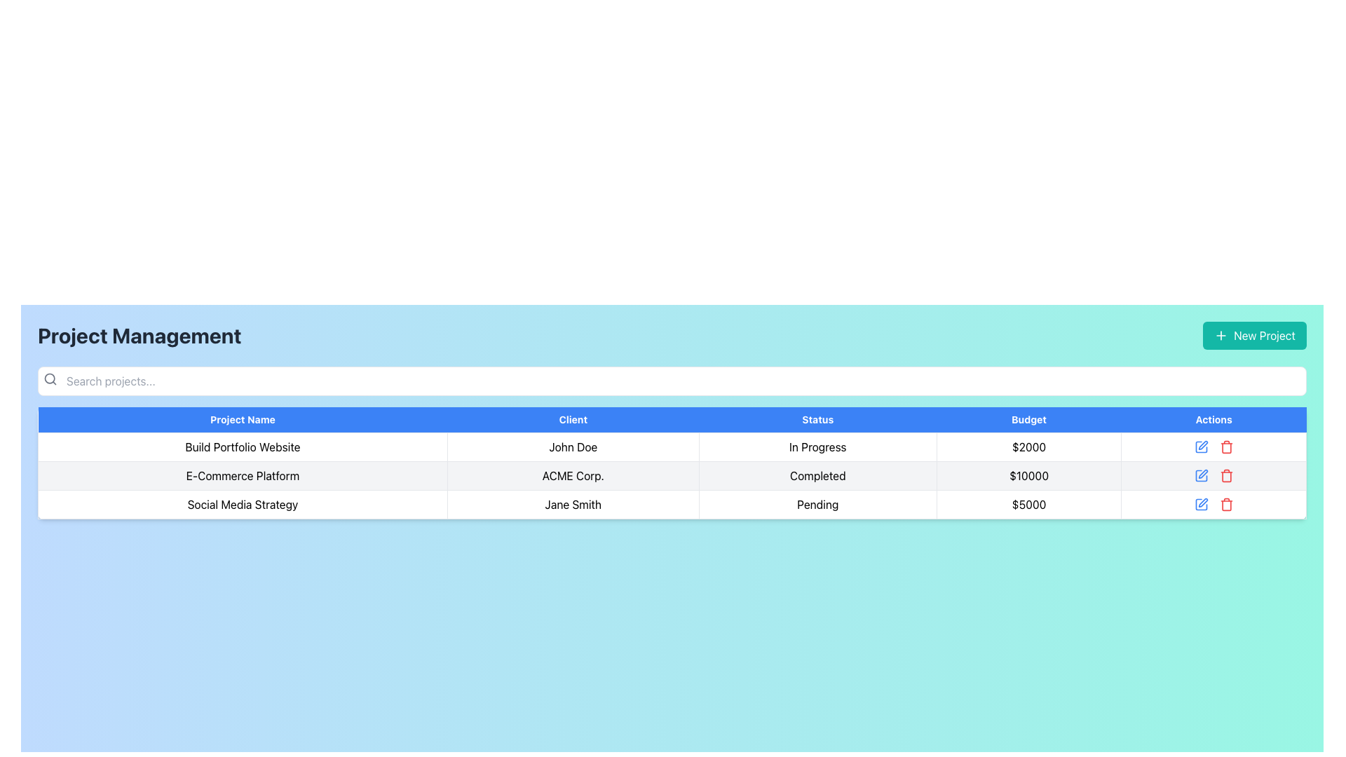  I want to click on the edit button located in the 'Actions' column of the first row in the data table, so click(1200, 446).